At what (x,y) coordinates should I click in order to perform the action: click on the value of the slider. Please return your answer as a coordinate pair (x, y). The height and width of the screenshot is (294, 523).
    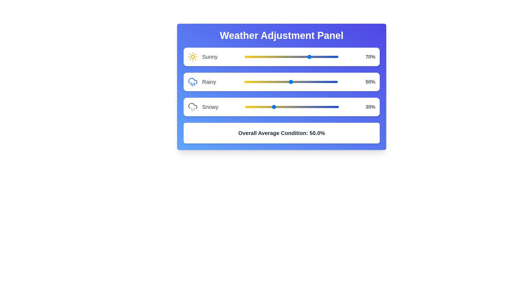
    Looking at the image, I should click on (285, 107).